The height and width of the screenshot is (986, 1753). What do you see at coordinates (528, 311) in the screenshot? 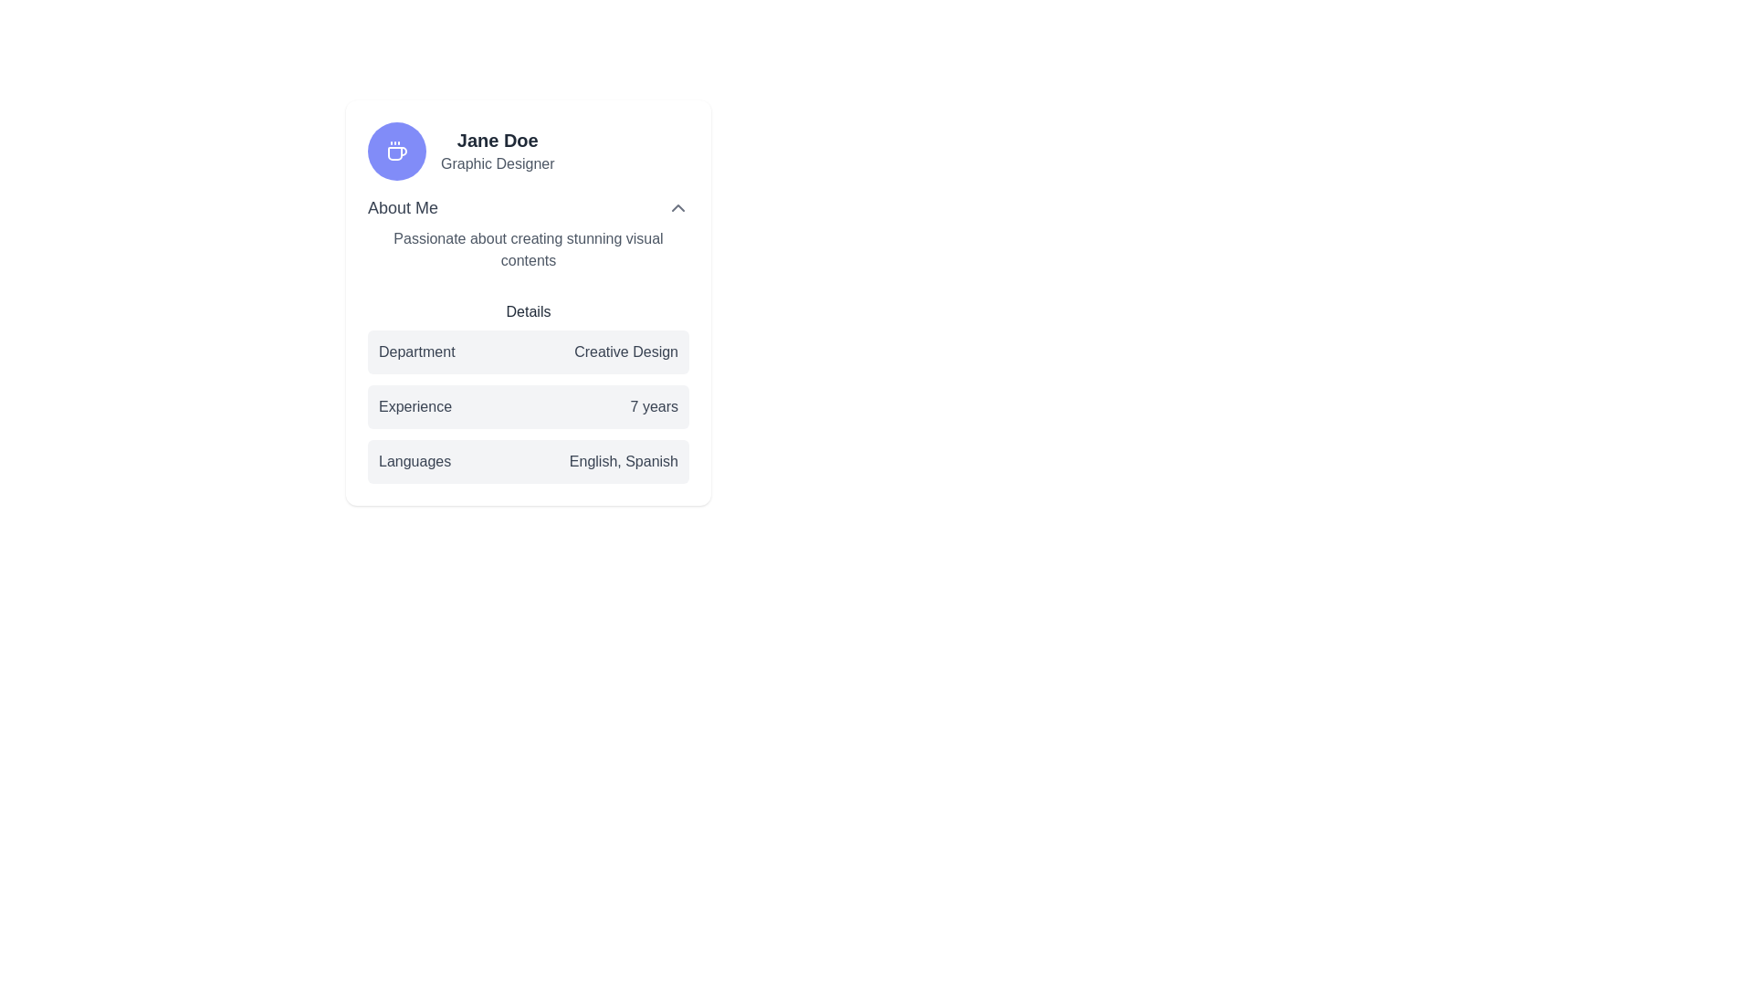
I see `the text element labeled 'Details'` at bounding box center [528, 311].